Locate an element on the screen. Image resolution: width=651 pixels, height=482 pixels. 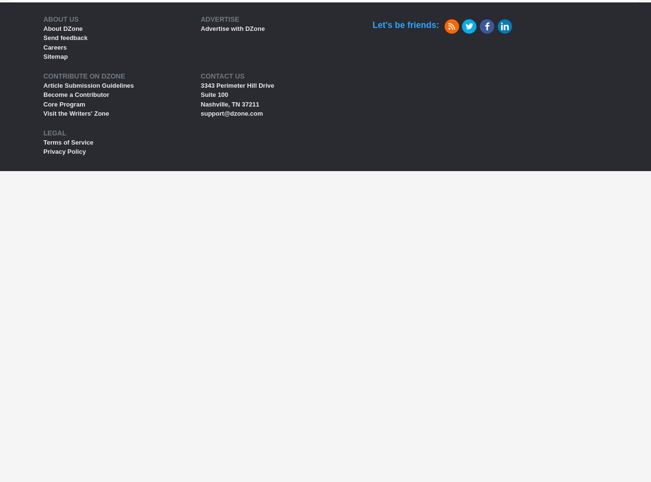
'About DZone' is located at coordinates (63, 28).